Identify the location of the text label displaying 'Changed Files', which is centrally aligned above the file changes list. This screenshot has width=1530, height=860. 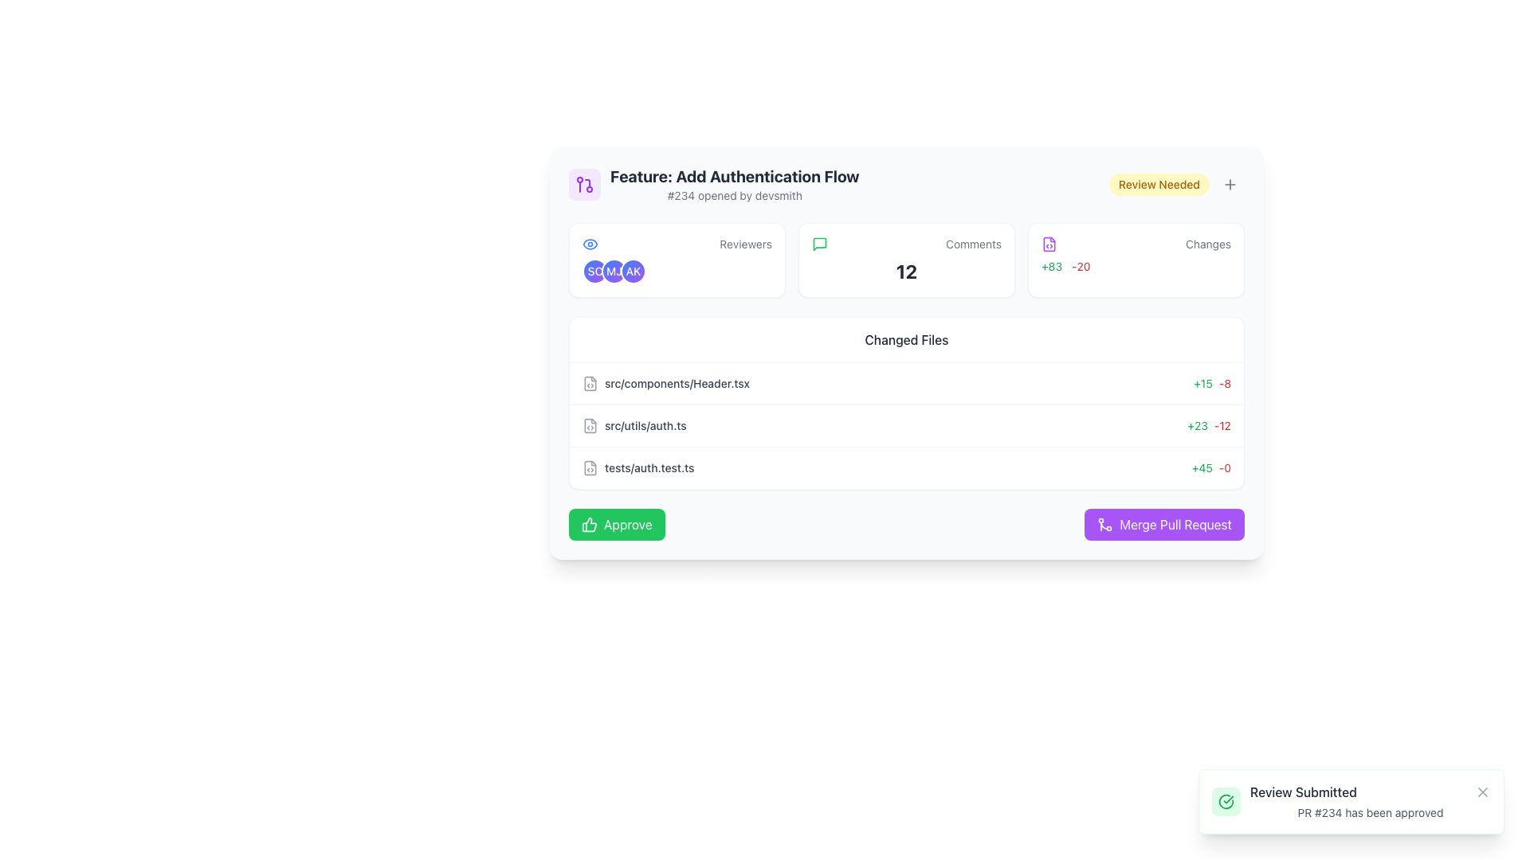
(906, 339).